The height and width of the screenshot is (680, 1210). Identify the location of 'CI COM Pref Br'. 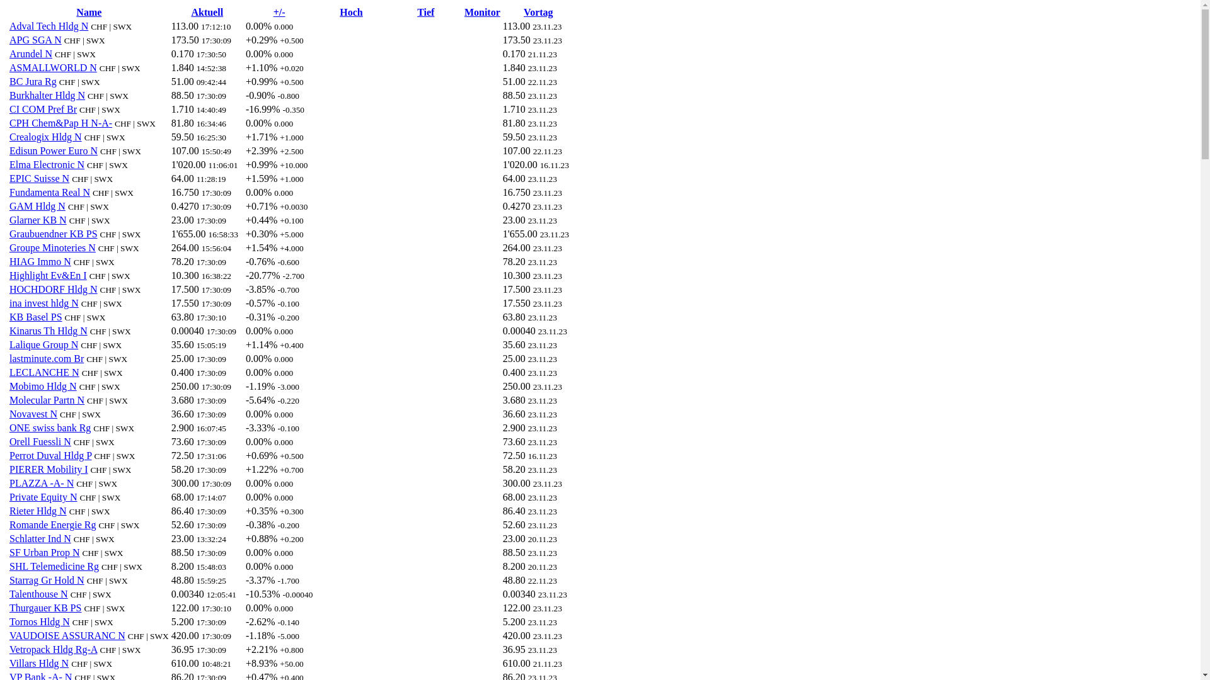
(43, 108).